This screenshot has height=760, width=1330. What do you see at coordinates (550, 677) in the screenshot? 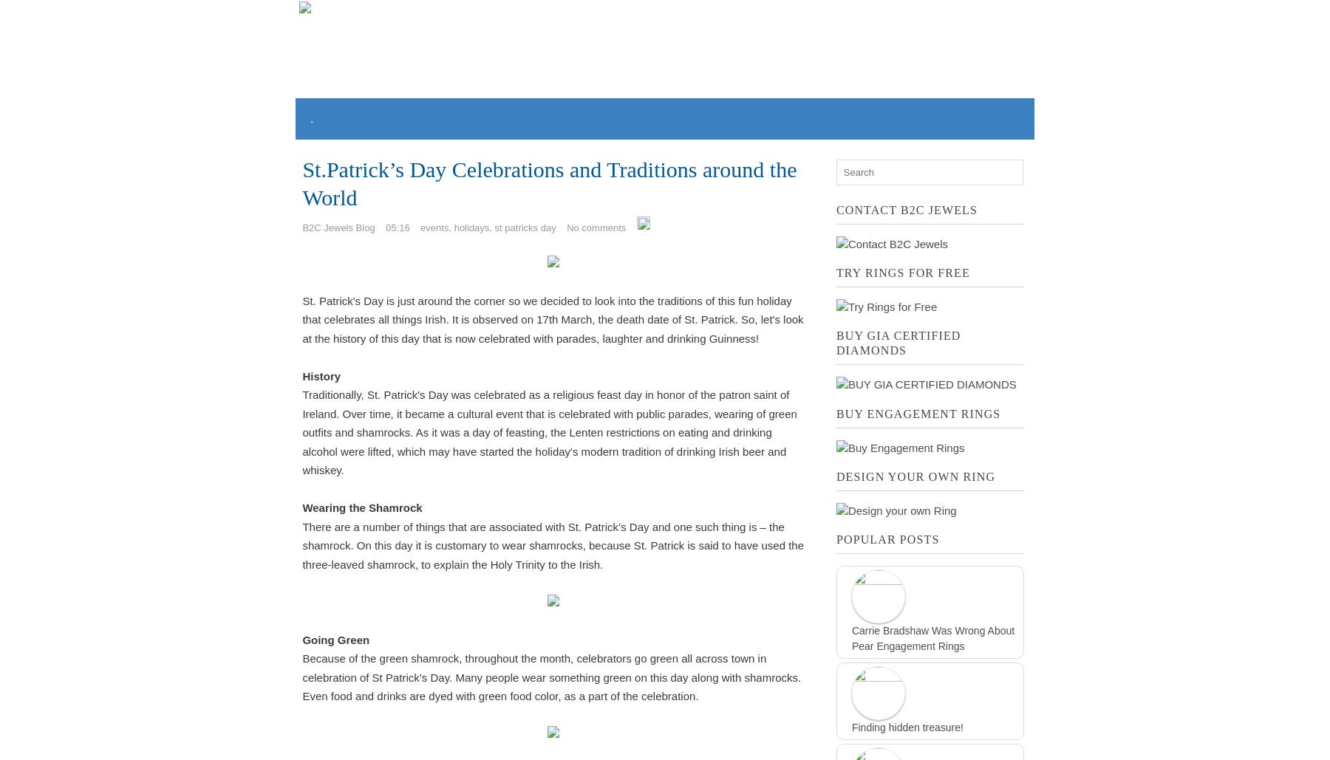
I see `'Because of the green shamrock, throughout the month, celebrators go green all across town in celebration of St Patrick’s Day. Many people wear something green on this day along with shamrocks. Even food and drinks are dyed with green food color, as a part of the celebration.'` at bounding box center [550, 677].